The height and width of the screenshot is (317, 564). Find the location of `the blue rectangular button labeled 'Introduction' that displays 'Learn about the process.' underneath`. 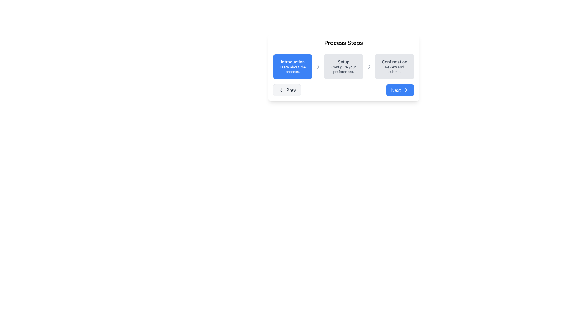

the blue rectangular button labeled 'Introduction' that displays 'Learn about the process.' underneath is located at coordinates (293, 66).